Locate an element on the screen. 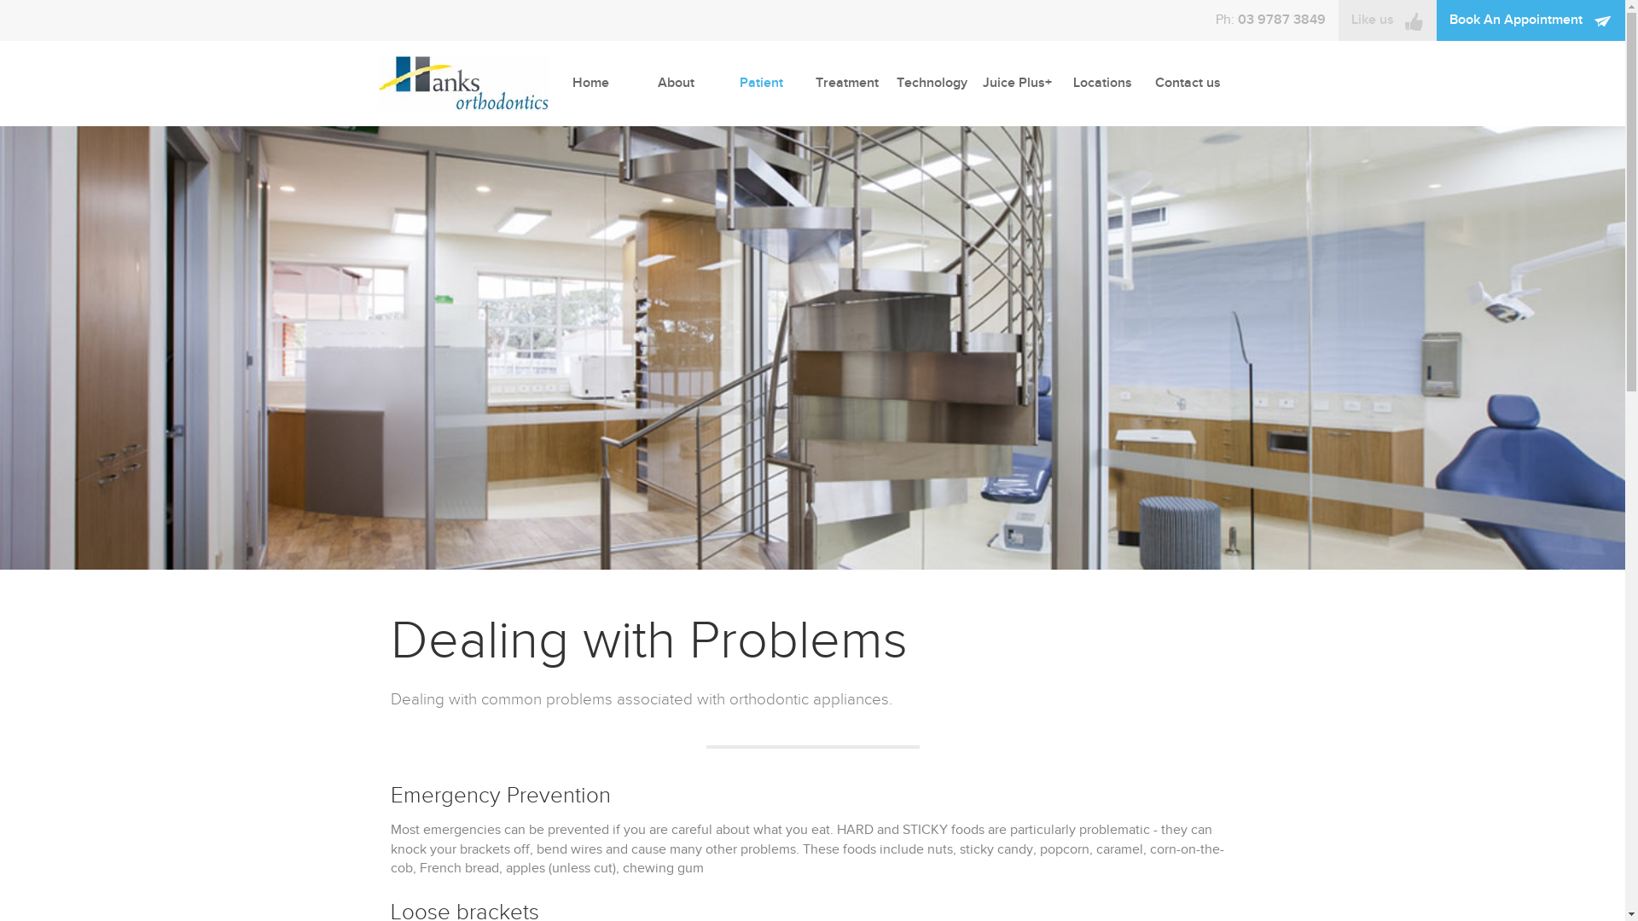 The image size is (1638, 921). 'Home' is located at coordinates (590, 83).